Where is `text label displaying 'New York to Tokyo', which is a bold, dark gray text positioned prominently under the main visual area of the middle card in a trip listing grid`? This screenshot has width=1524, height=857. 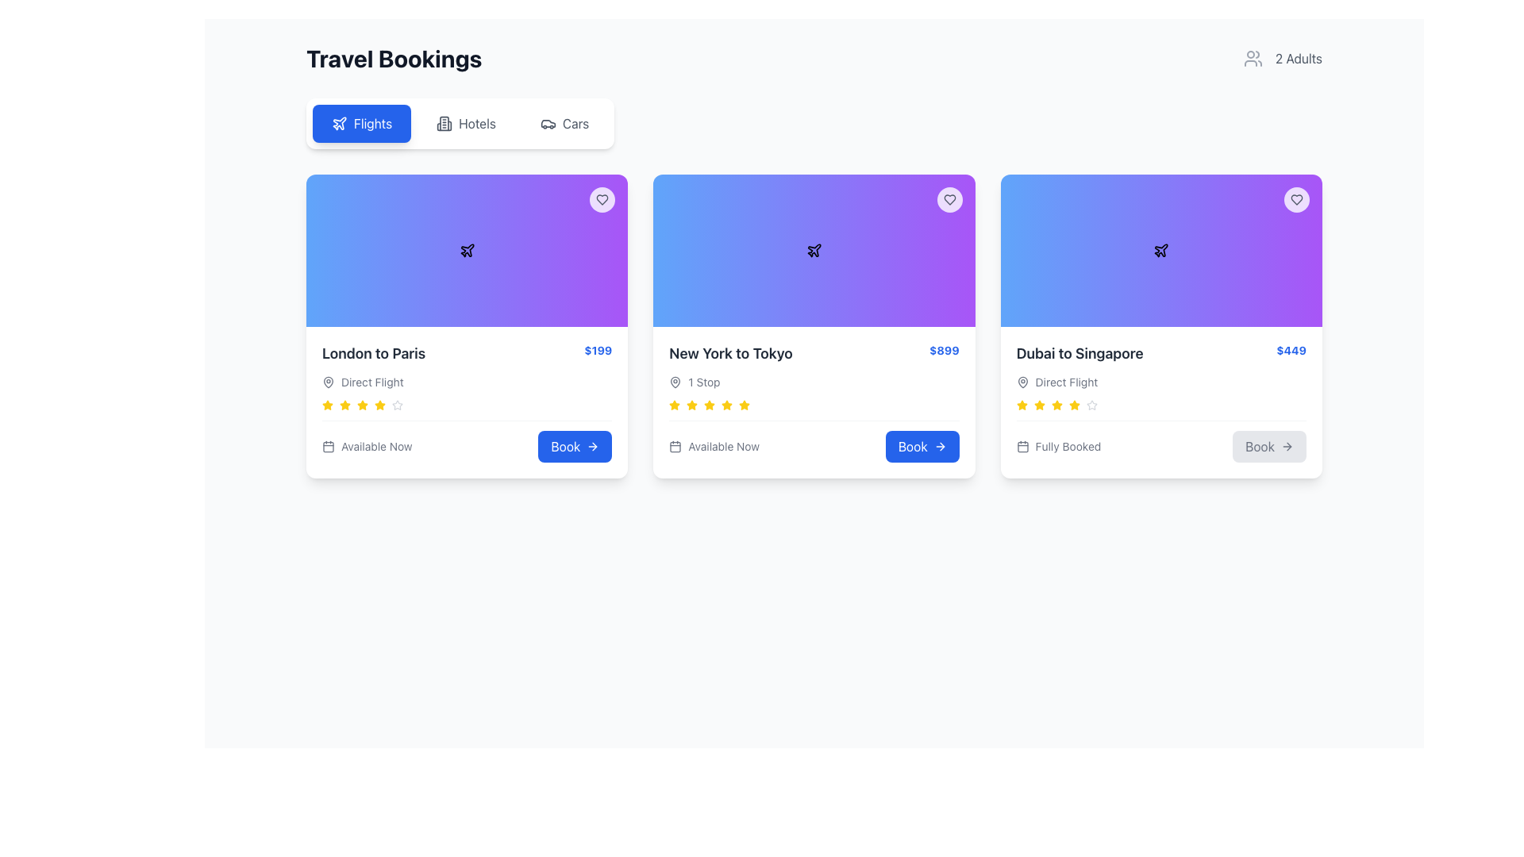 text label displaying 'New York to Tokyo', which is a bold, dark gray text positioned prominently under the main visual area of the middle card in a trip listing grid is located at coordinates (730, 353).